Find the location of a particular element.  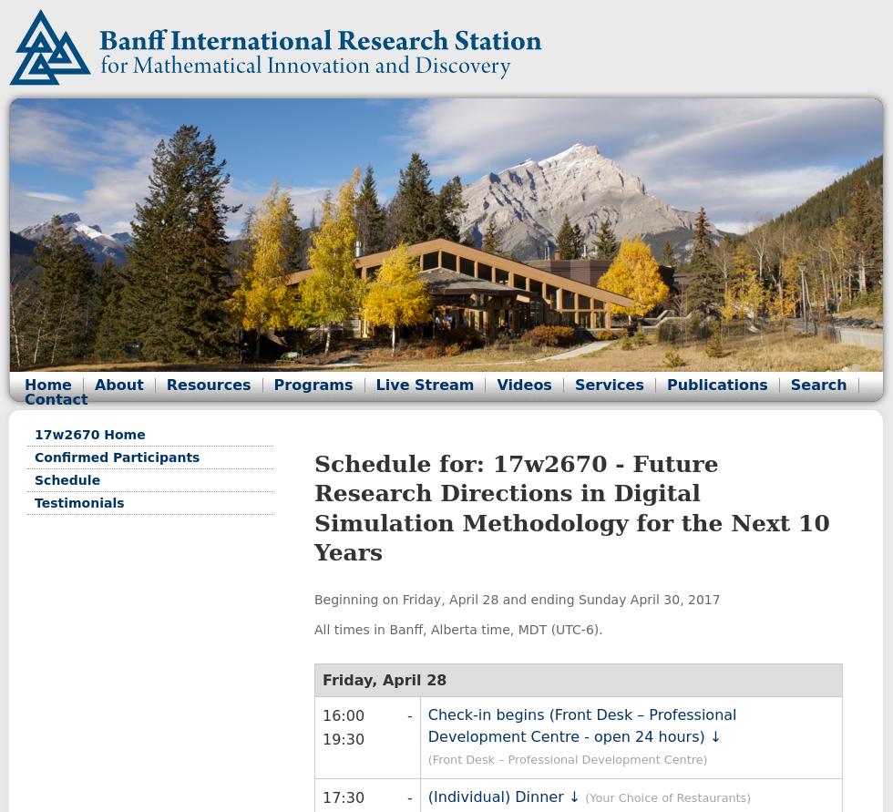

'Beginning on Friday, April 28 and ending Sunday April 30, 2017' is located at coordinates (517, 598).